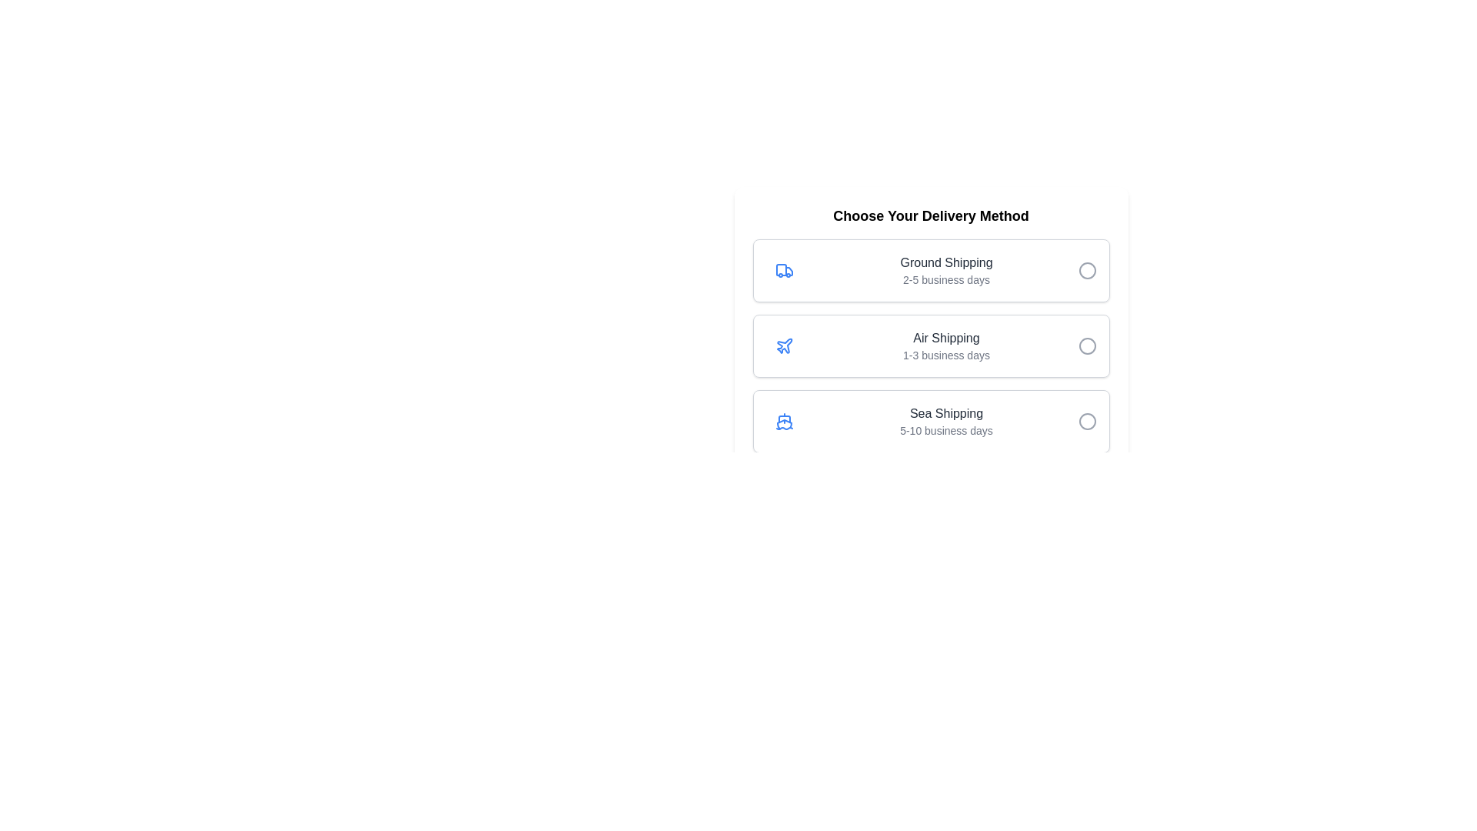 The image size is (1477, 831). Describe the element at coordinates (784, 346) in the screenshot. I see `the air shipping icon, which is the leftmost icon in the delivery method selection under 'Choose Your Delivery Method'` at that location.